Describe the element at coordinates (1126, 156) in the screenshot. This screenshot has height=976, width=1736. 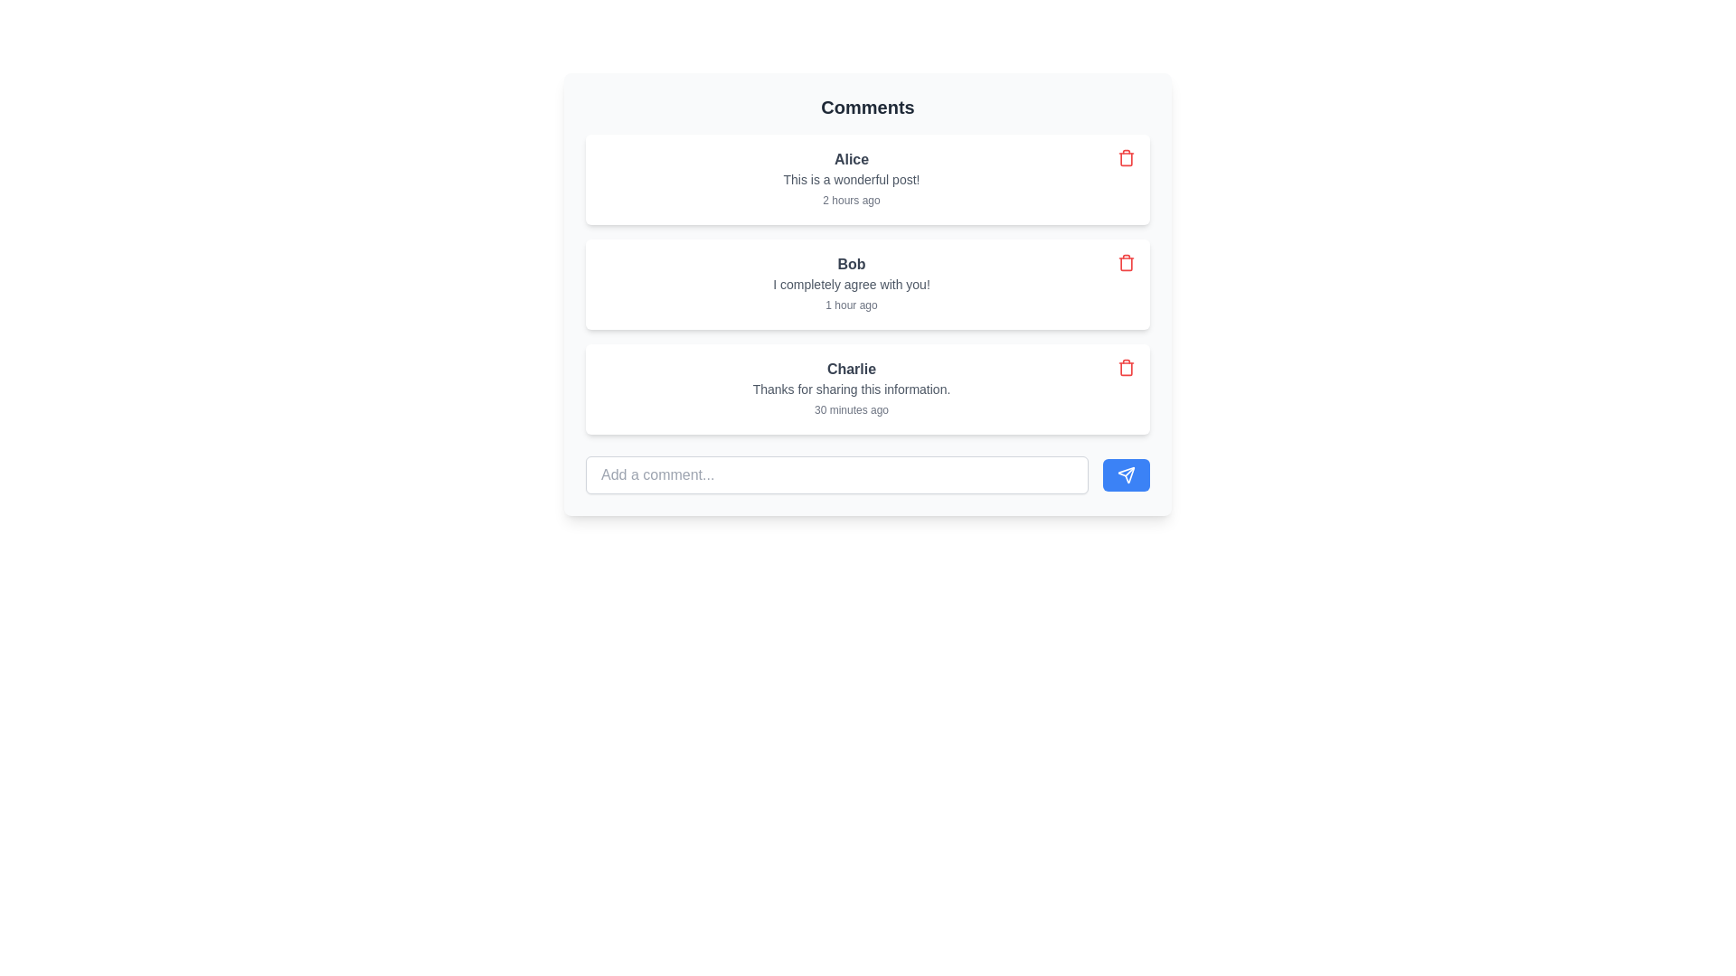
I see `the delete button icon located to the right of Alice's topmost comment` at that location.